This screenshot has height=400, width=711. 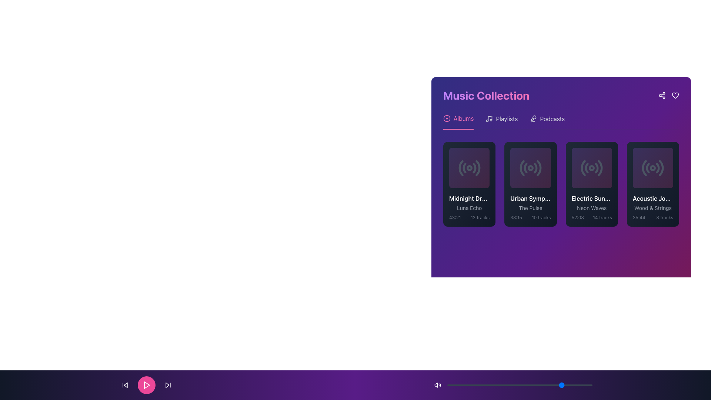 What do you see at coordinates (591, 168) in the screenshot?
I see `the thumbnail representing the 'Electric Sunset' item in the music collection` at bounding box center [591, 168].